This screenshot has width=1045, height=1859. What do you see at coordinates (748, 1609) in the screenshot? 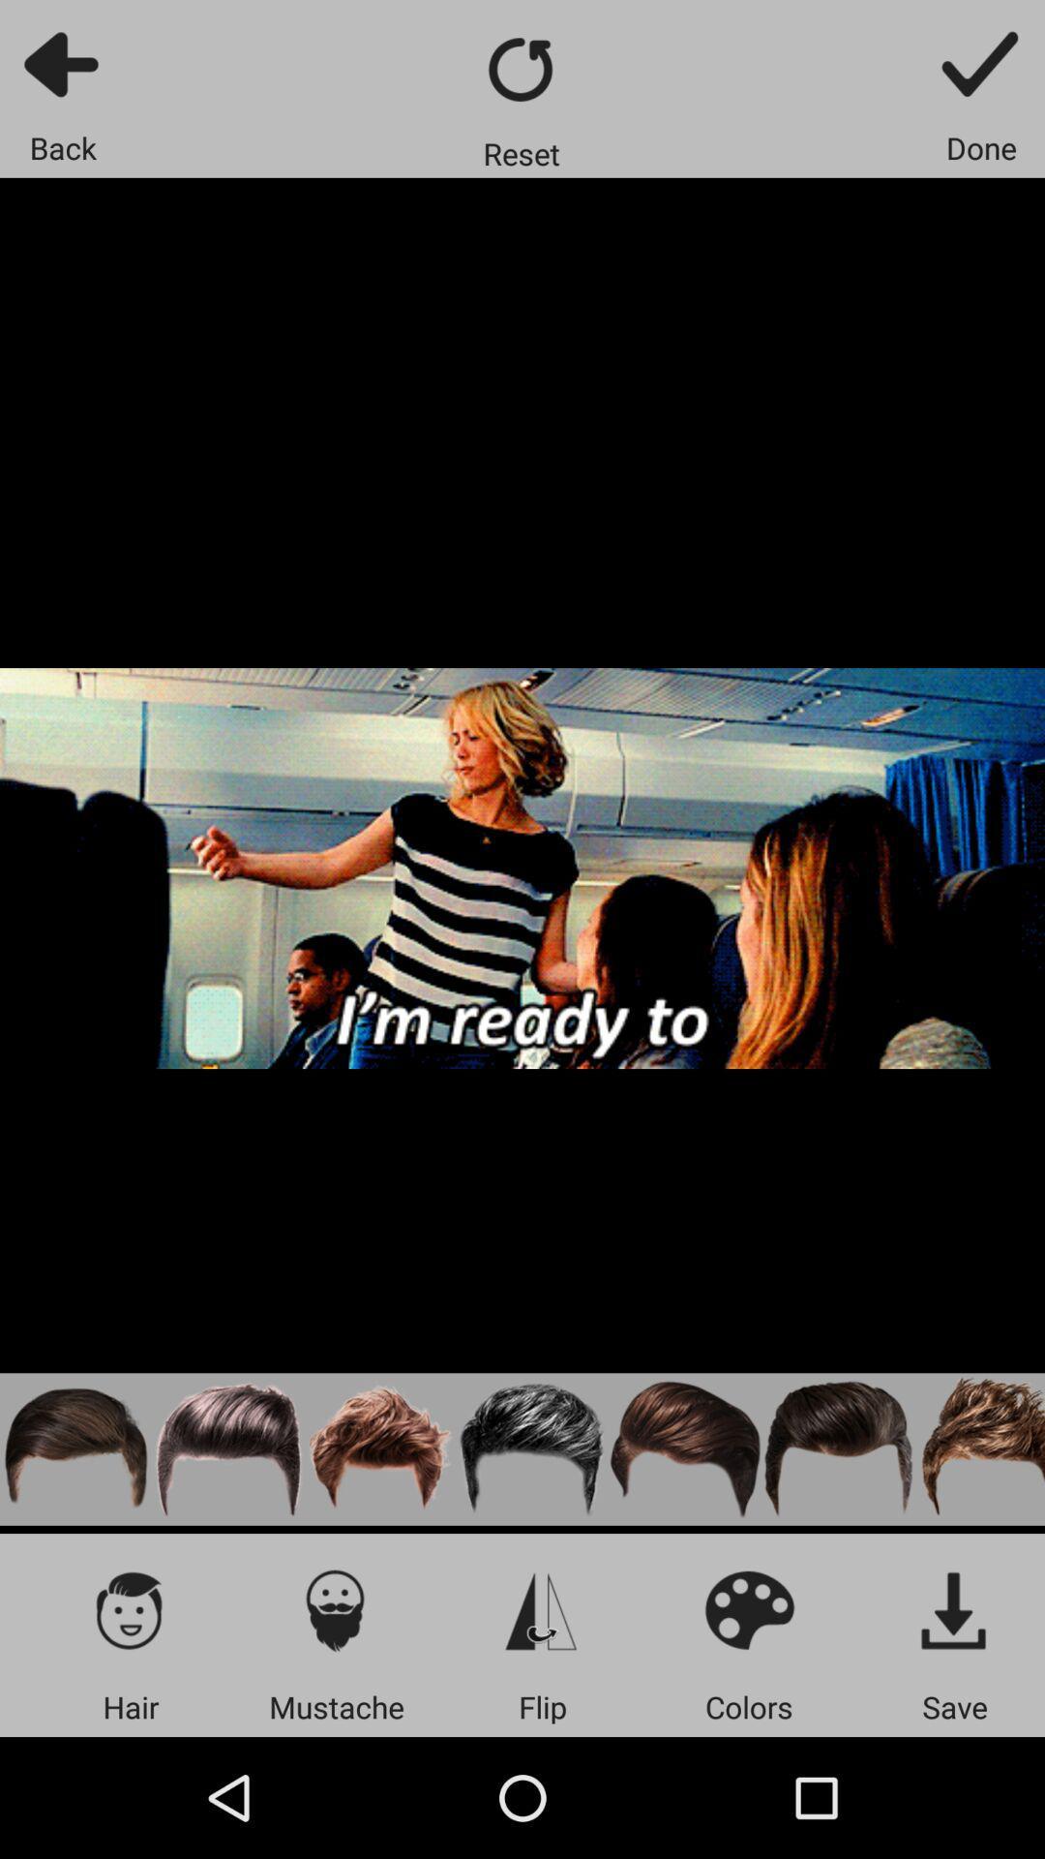
I see `colors menu` at bounding box center [748, 1609].